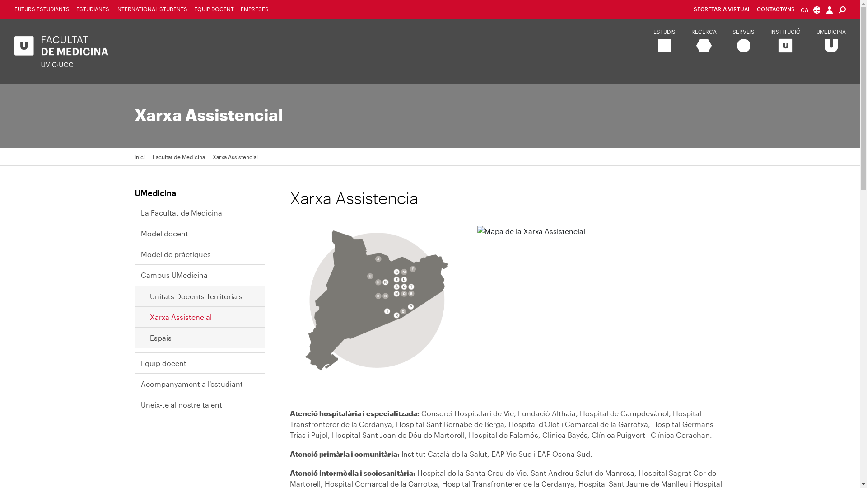 The width and height of the screenshot is (867, 488). What do you see at coordinates (664, 31) in the screenshot?
I see `'ESTUDIS'` at bounding box center [664, 31].